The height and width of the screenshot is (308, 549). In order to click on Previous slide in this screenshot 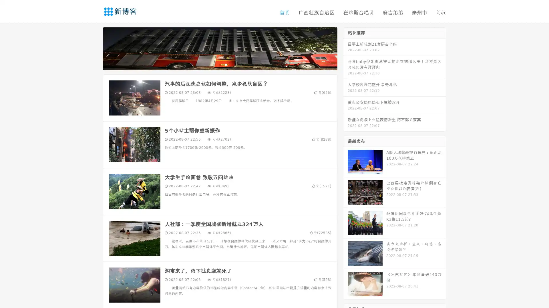, I will do `click(94, 48)`.